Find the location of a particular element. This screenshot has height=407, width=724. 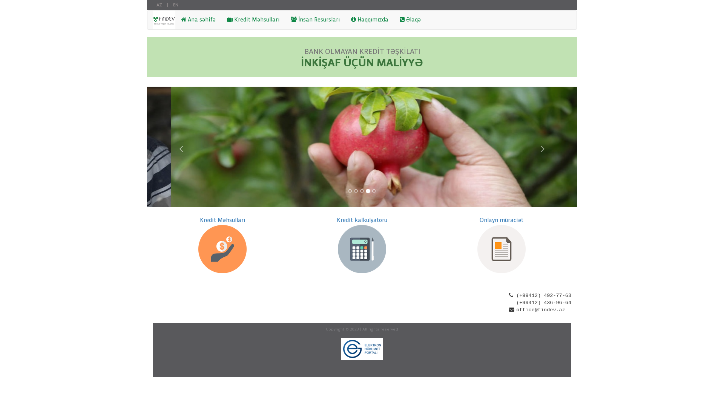

'Previous' is located at coordinates (179, 147).